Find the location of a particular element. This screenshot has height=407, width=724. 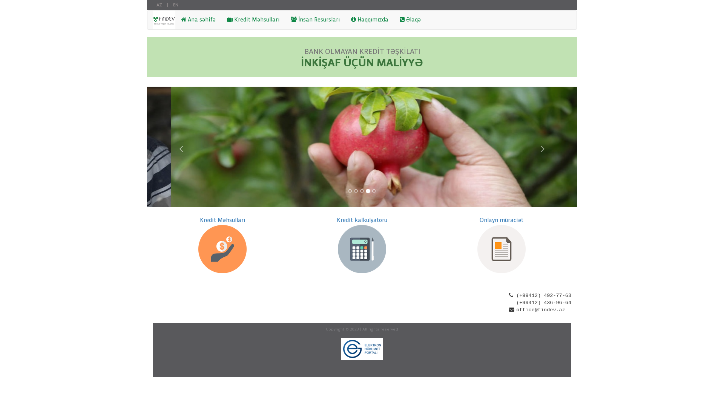

'Previous' is located at coordinates (179, 147).